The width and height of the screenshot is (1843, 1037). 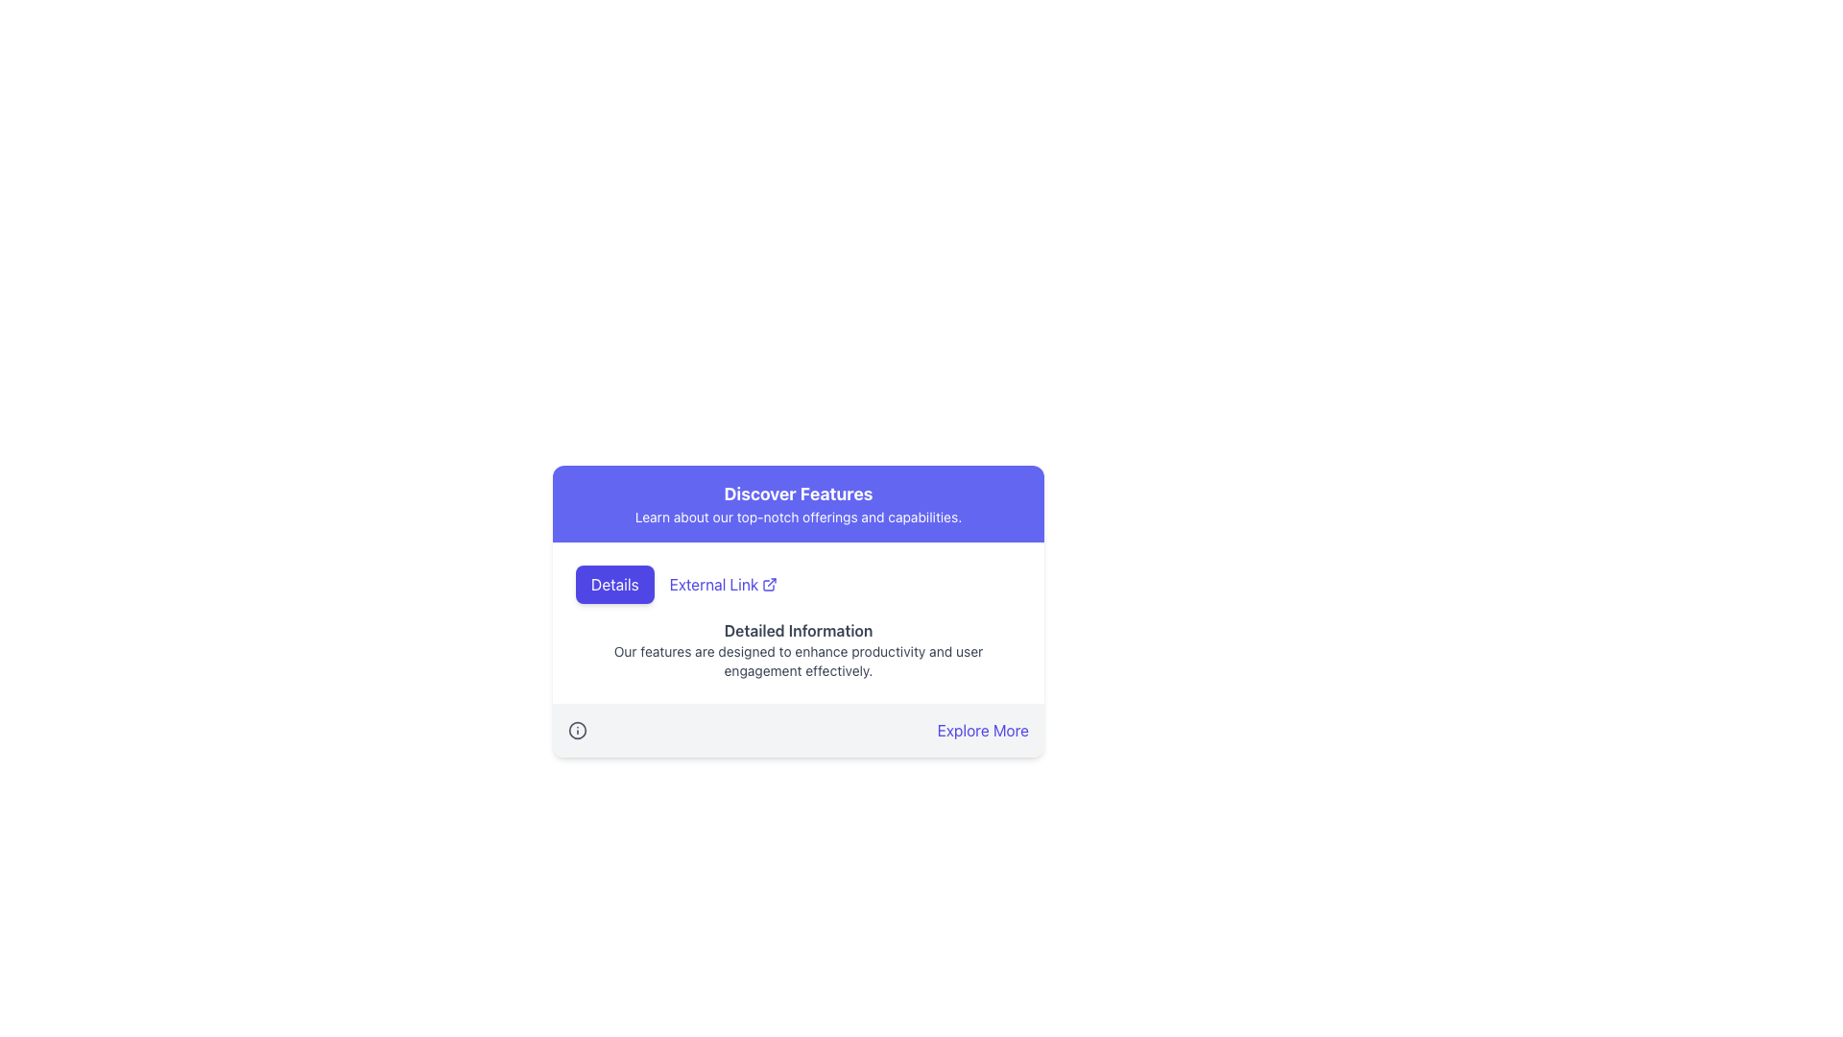 I want to click on the external link icon represented as an SVG image with a blue stroke, located to the right of the text 'External Link' within a clickable button styled as a hyperlink, so click(x=770, y=584).